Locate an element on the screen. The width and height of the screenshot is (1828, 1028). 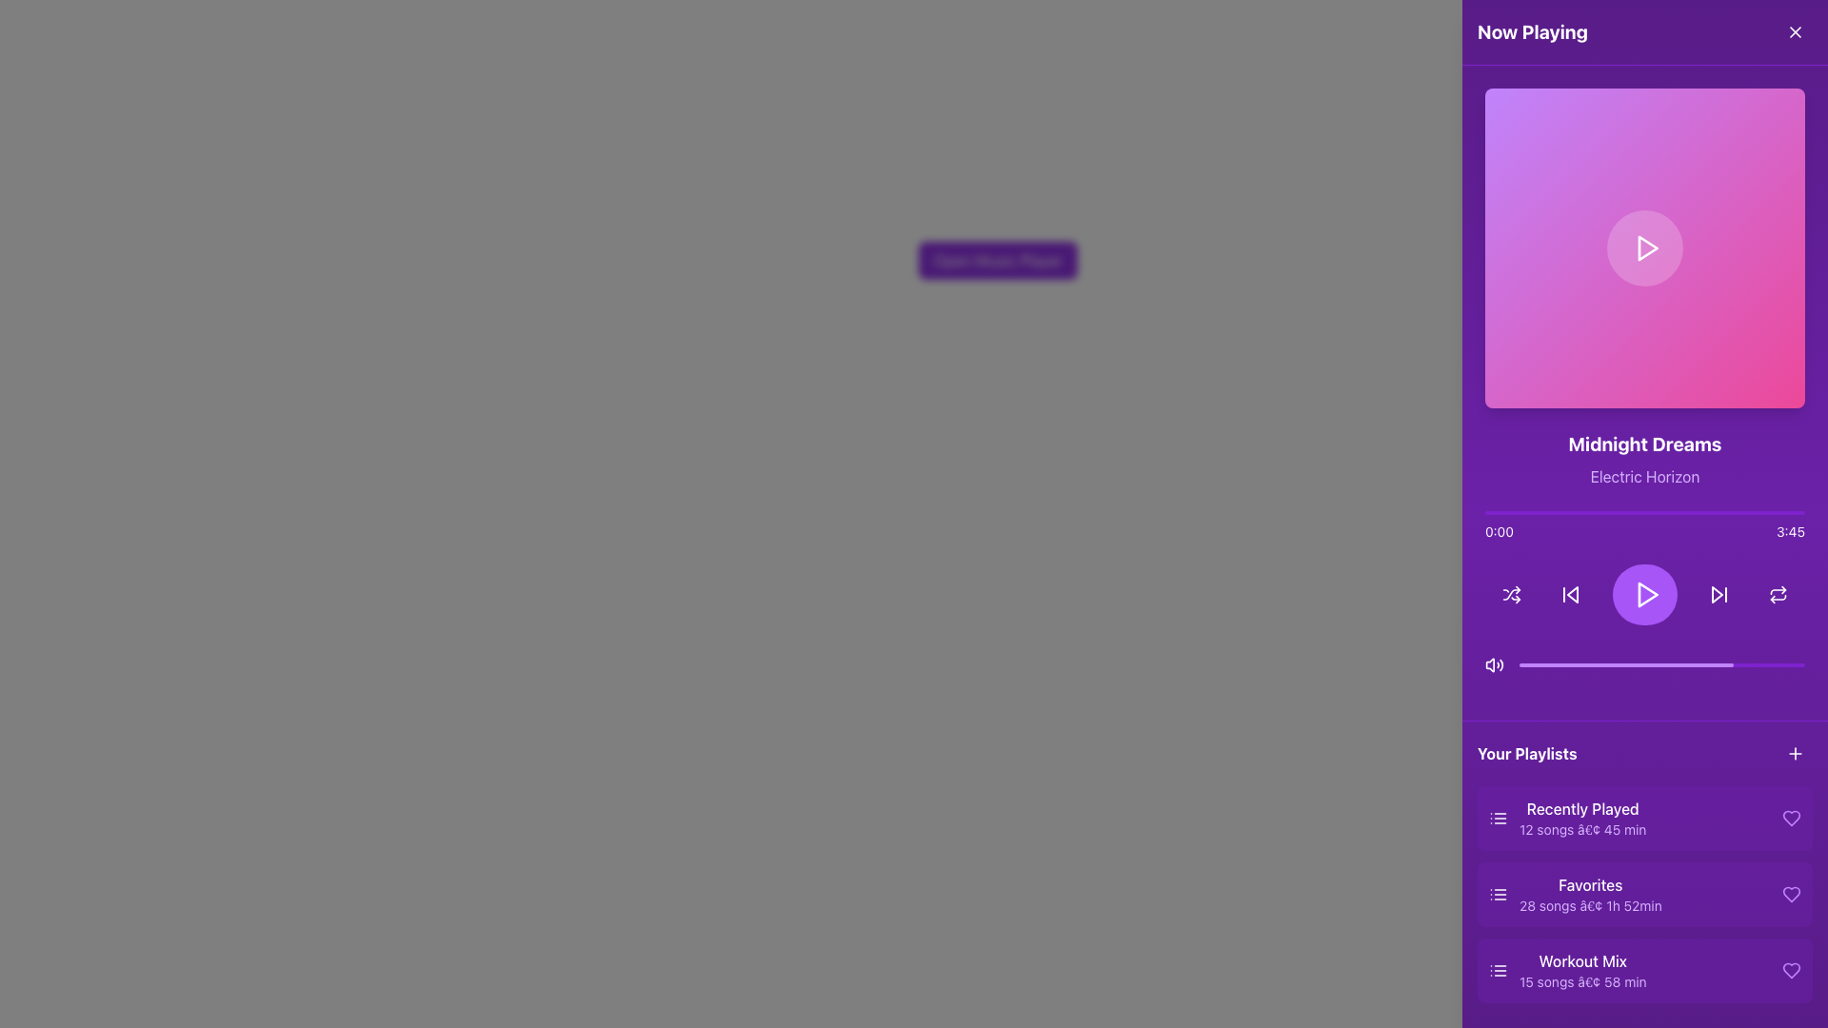
the 'Workout Mix' playlist button located in the right sidebar under 'Your Playlists' is located at coordinates (1567, 970).